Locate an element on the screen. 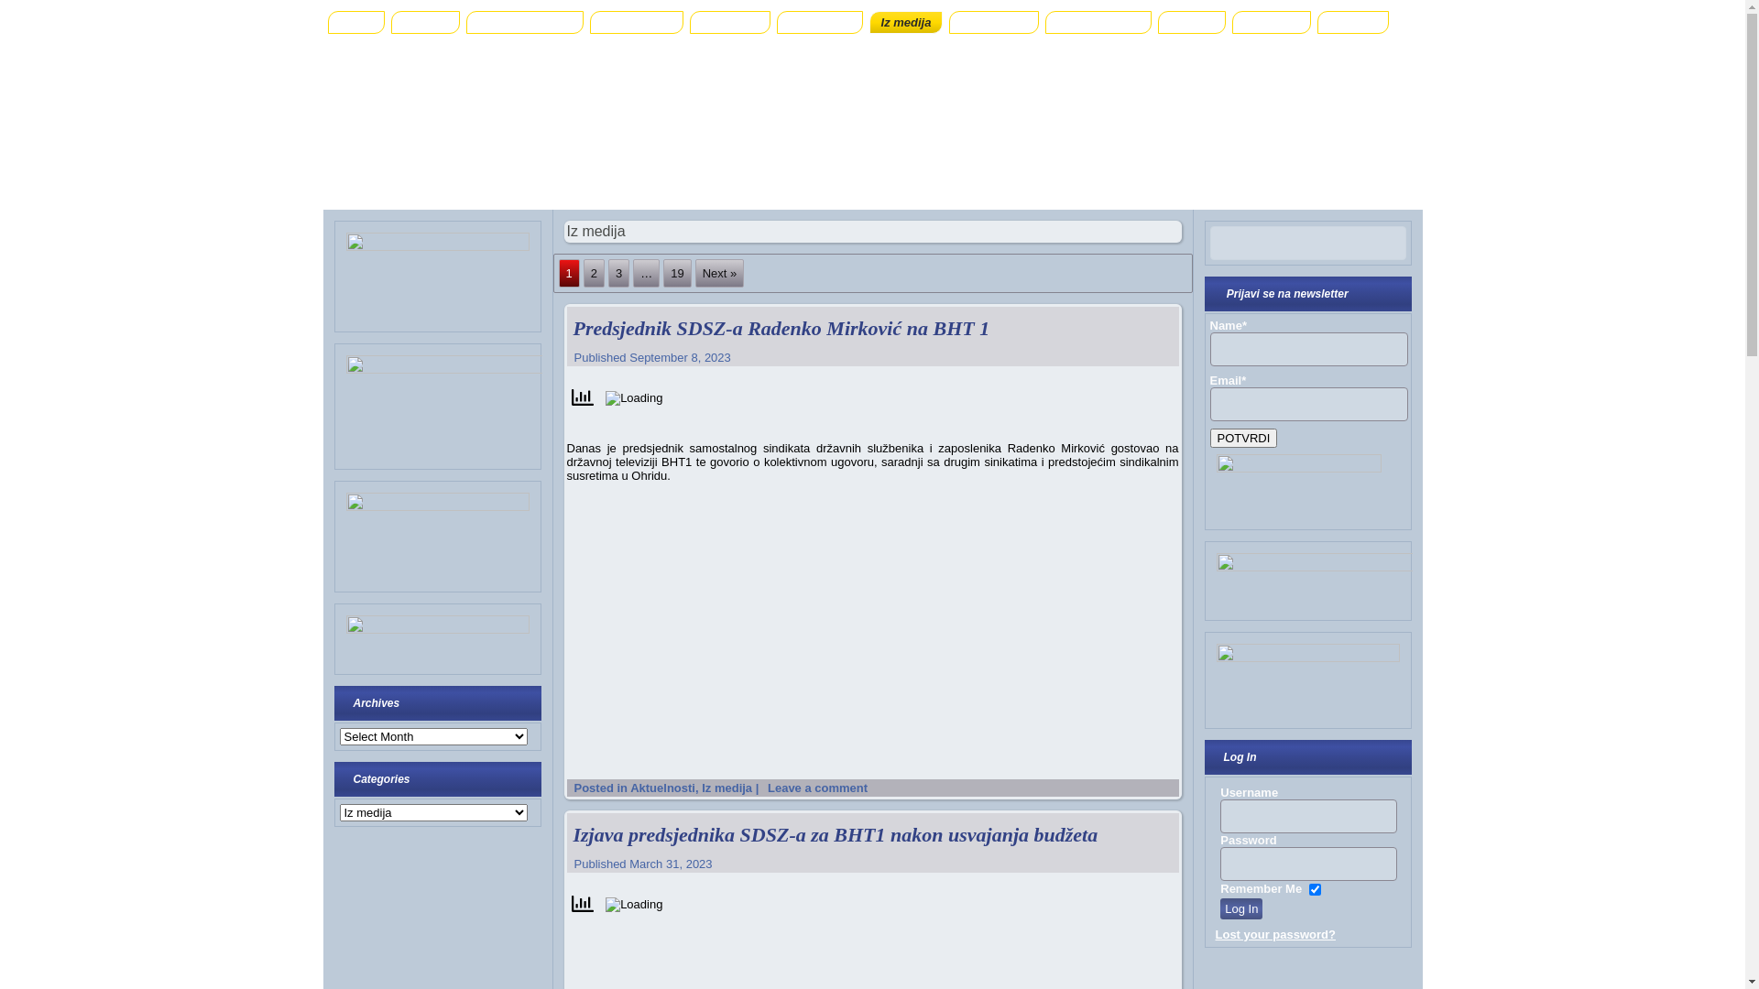 The width and height of the screenshot is (1759, 989). '2' is located at coordinates (594, 273).